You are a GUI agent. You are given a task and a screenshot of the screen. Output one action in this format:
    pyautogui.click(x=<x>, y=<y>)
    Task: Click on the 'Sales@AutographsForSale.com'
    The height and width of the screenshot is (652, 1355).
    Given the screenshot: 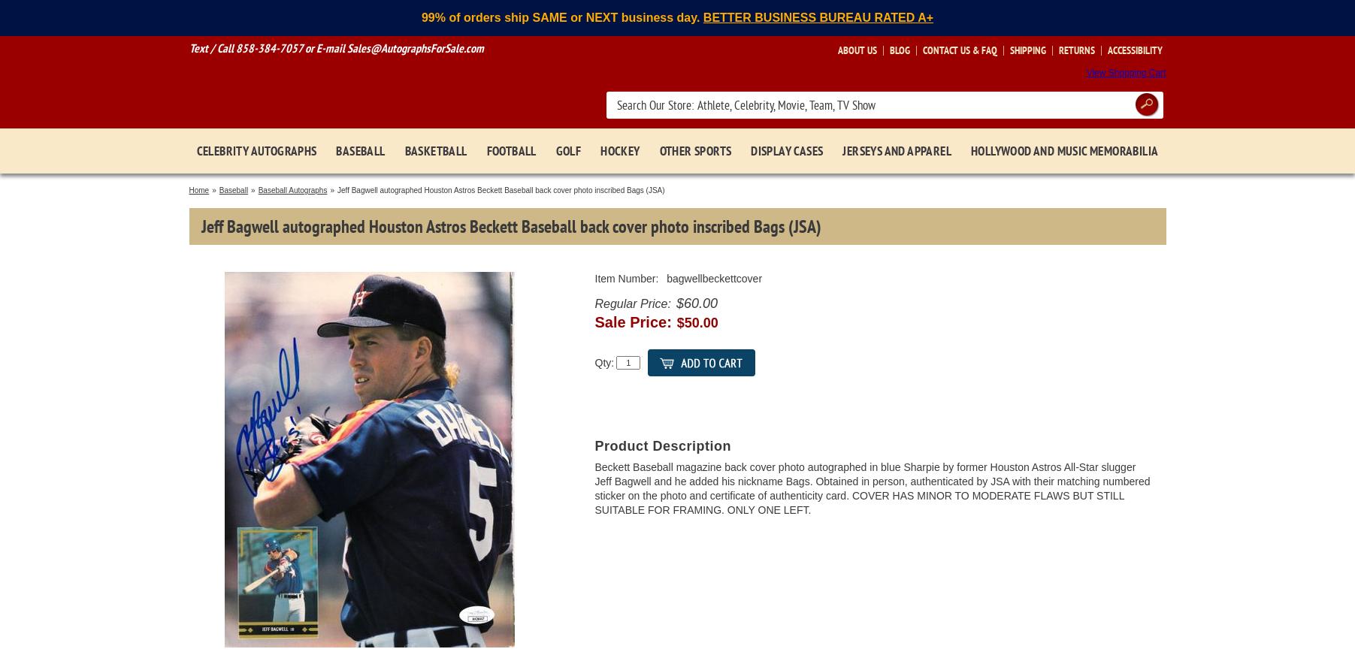 What is the action you would take?
    pyautogui.click(x=414, y=48)
    